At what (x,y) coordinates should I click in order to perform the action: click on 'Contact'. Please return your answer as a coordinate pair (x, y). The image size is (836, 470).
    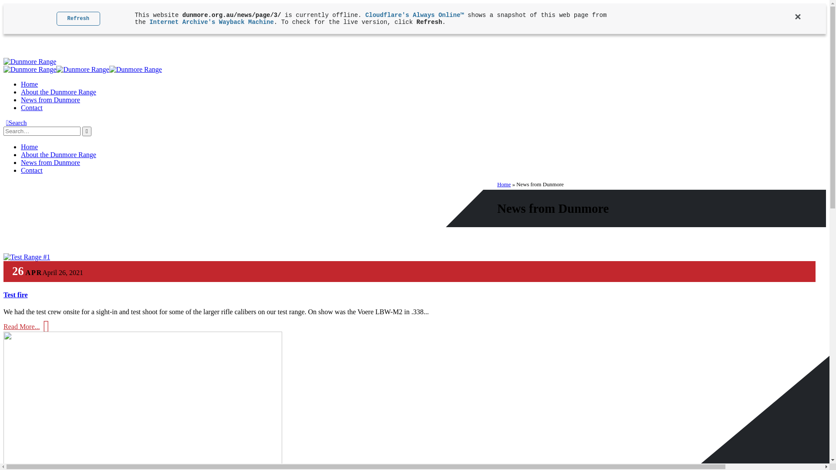
    Looking at the image, I should click on (21, 107).